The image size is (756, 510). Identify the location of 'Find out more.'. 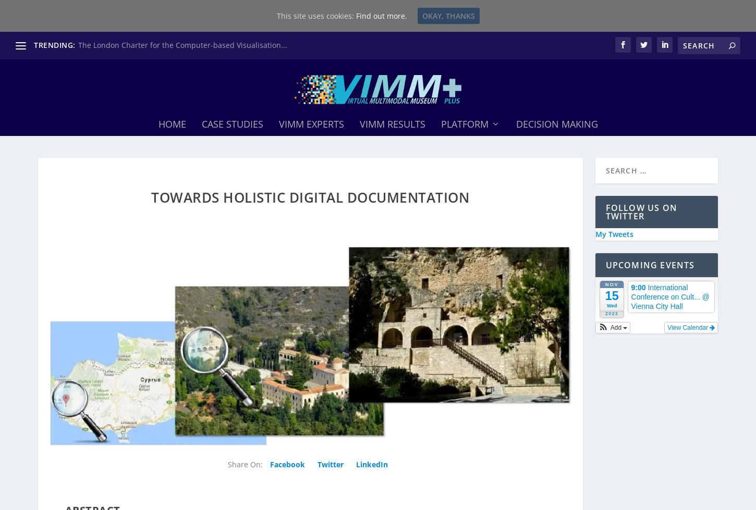
(355, 15).